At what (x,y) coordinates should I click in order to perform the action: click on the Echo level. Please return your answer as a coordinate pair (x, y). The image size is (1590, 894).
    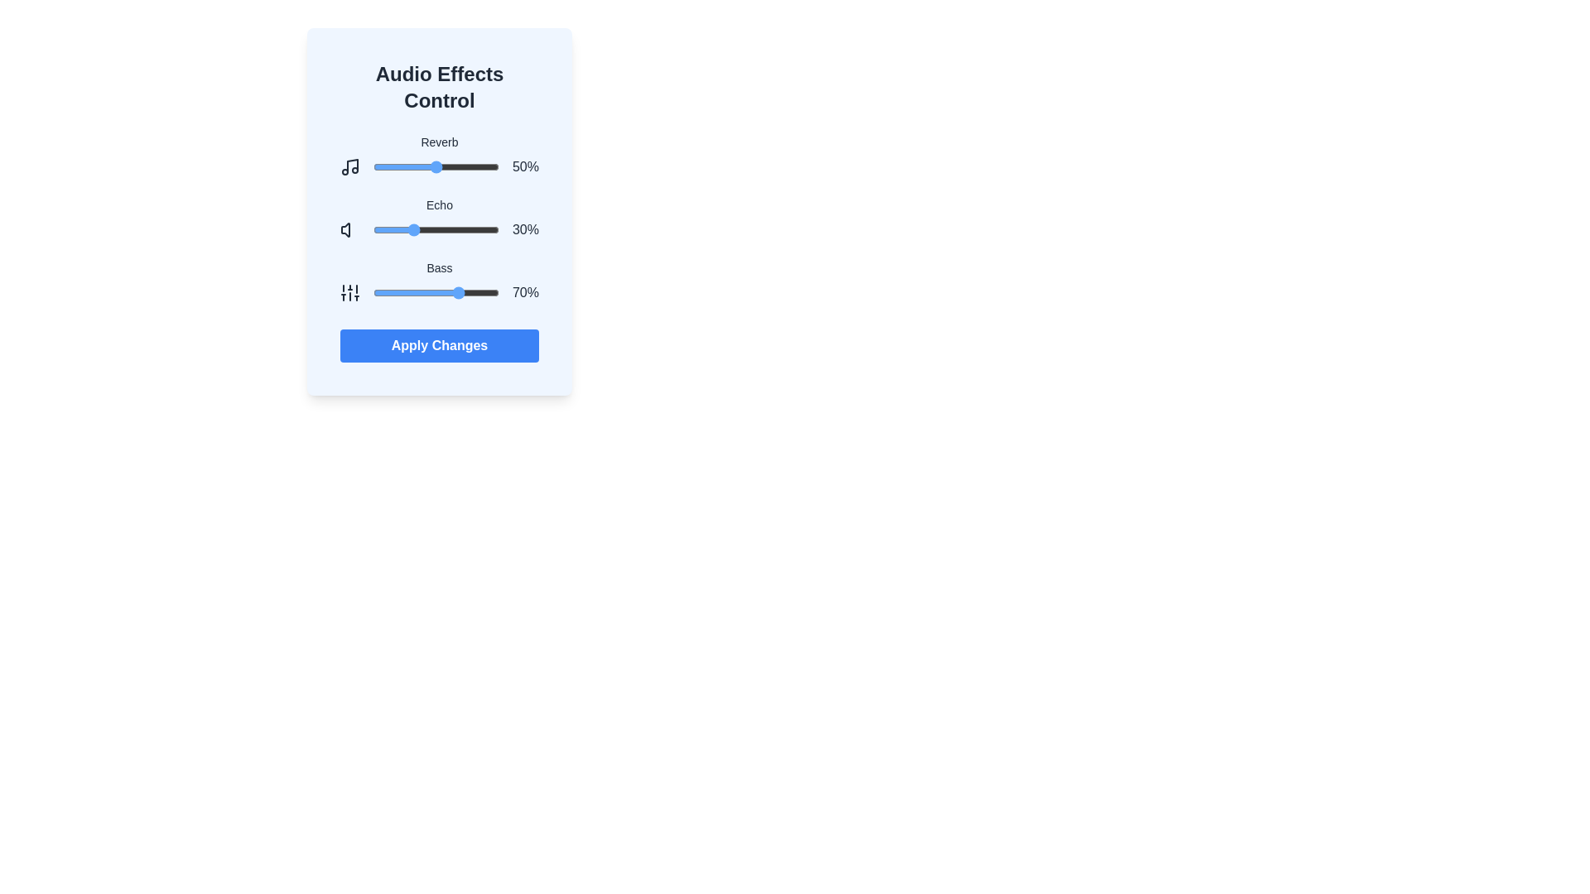
    Looking at the image, I should click on (373, 229).